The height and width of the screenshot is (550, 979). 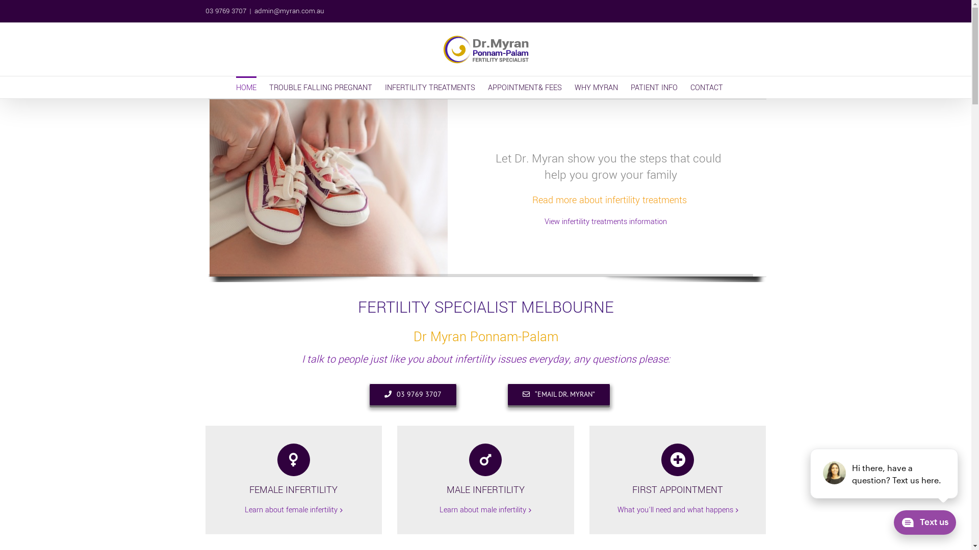 What do you see at coordinates (653, 87) in the screenshot?
I see `'PATIENT INFO'` at bounding box center [653, 87].